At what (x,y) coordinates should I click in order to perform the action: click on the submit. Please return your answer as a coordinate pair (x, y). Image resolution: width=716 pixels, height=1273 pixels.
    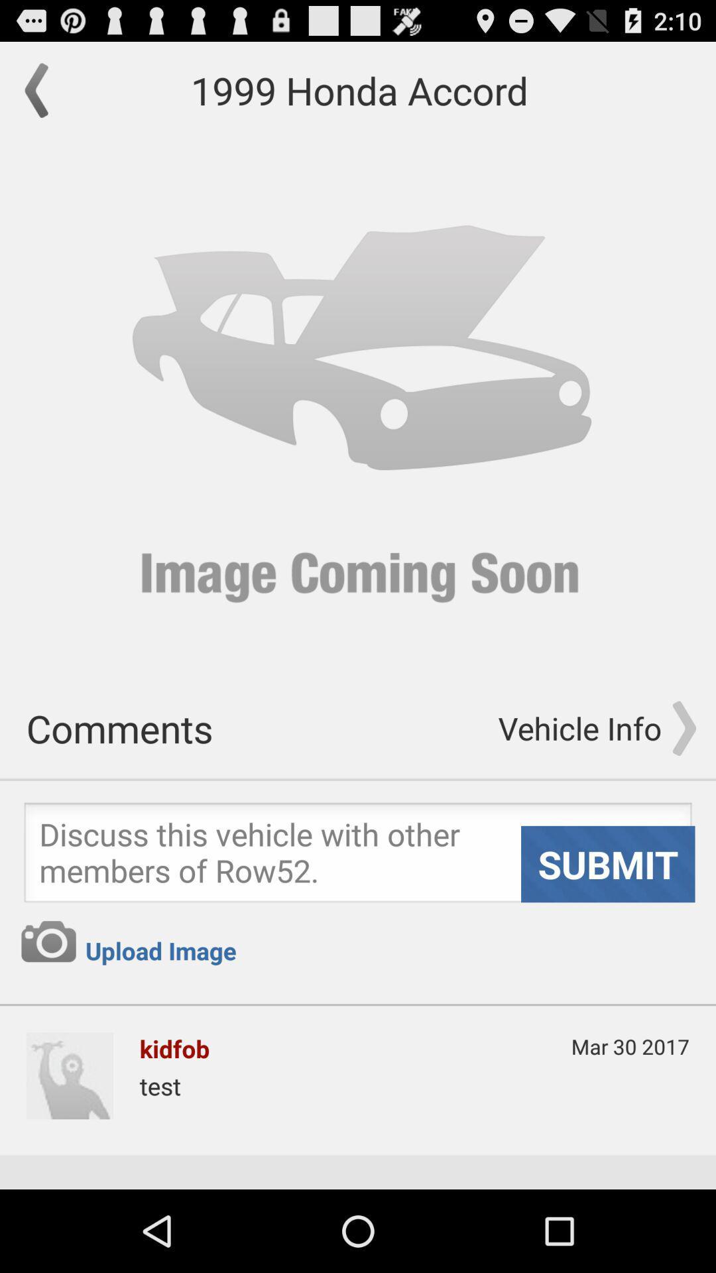
    Looking at the image, I should click on (608, 864).